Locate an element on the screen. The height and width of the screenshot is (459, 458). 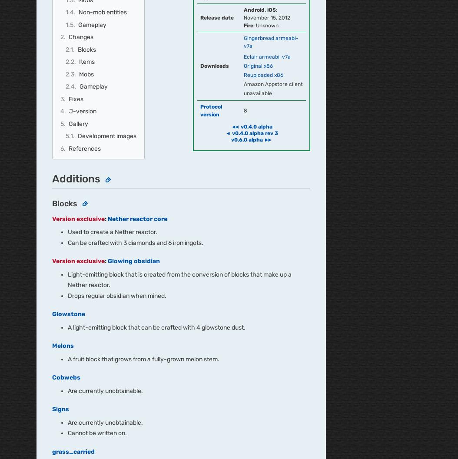
'Global Sitemap' is located at coordinates (208, 264).